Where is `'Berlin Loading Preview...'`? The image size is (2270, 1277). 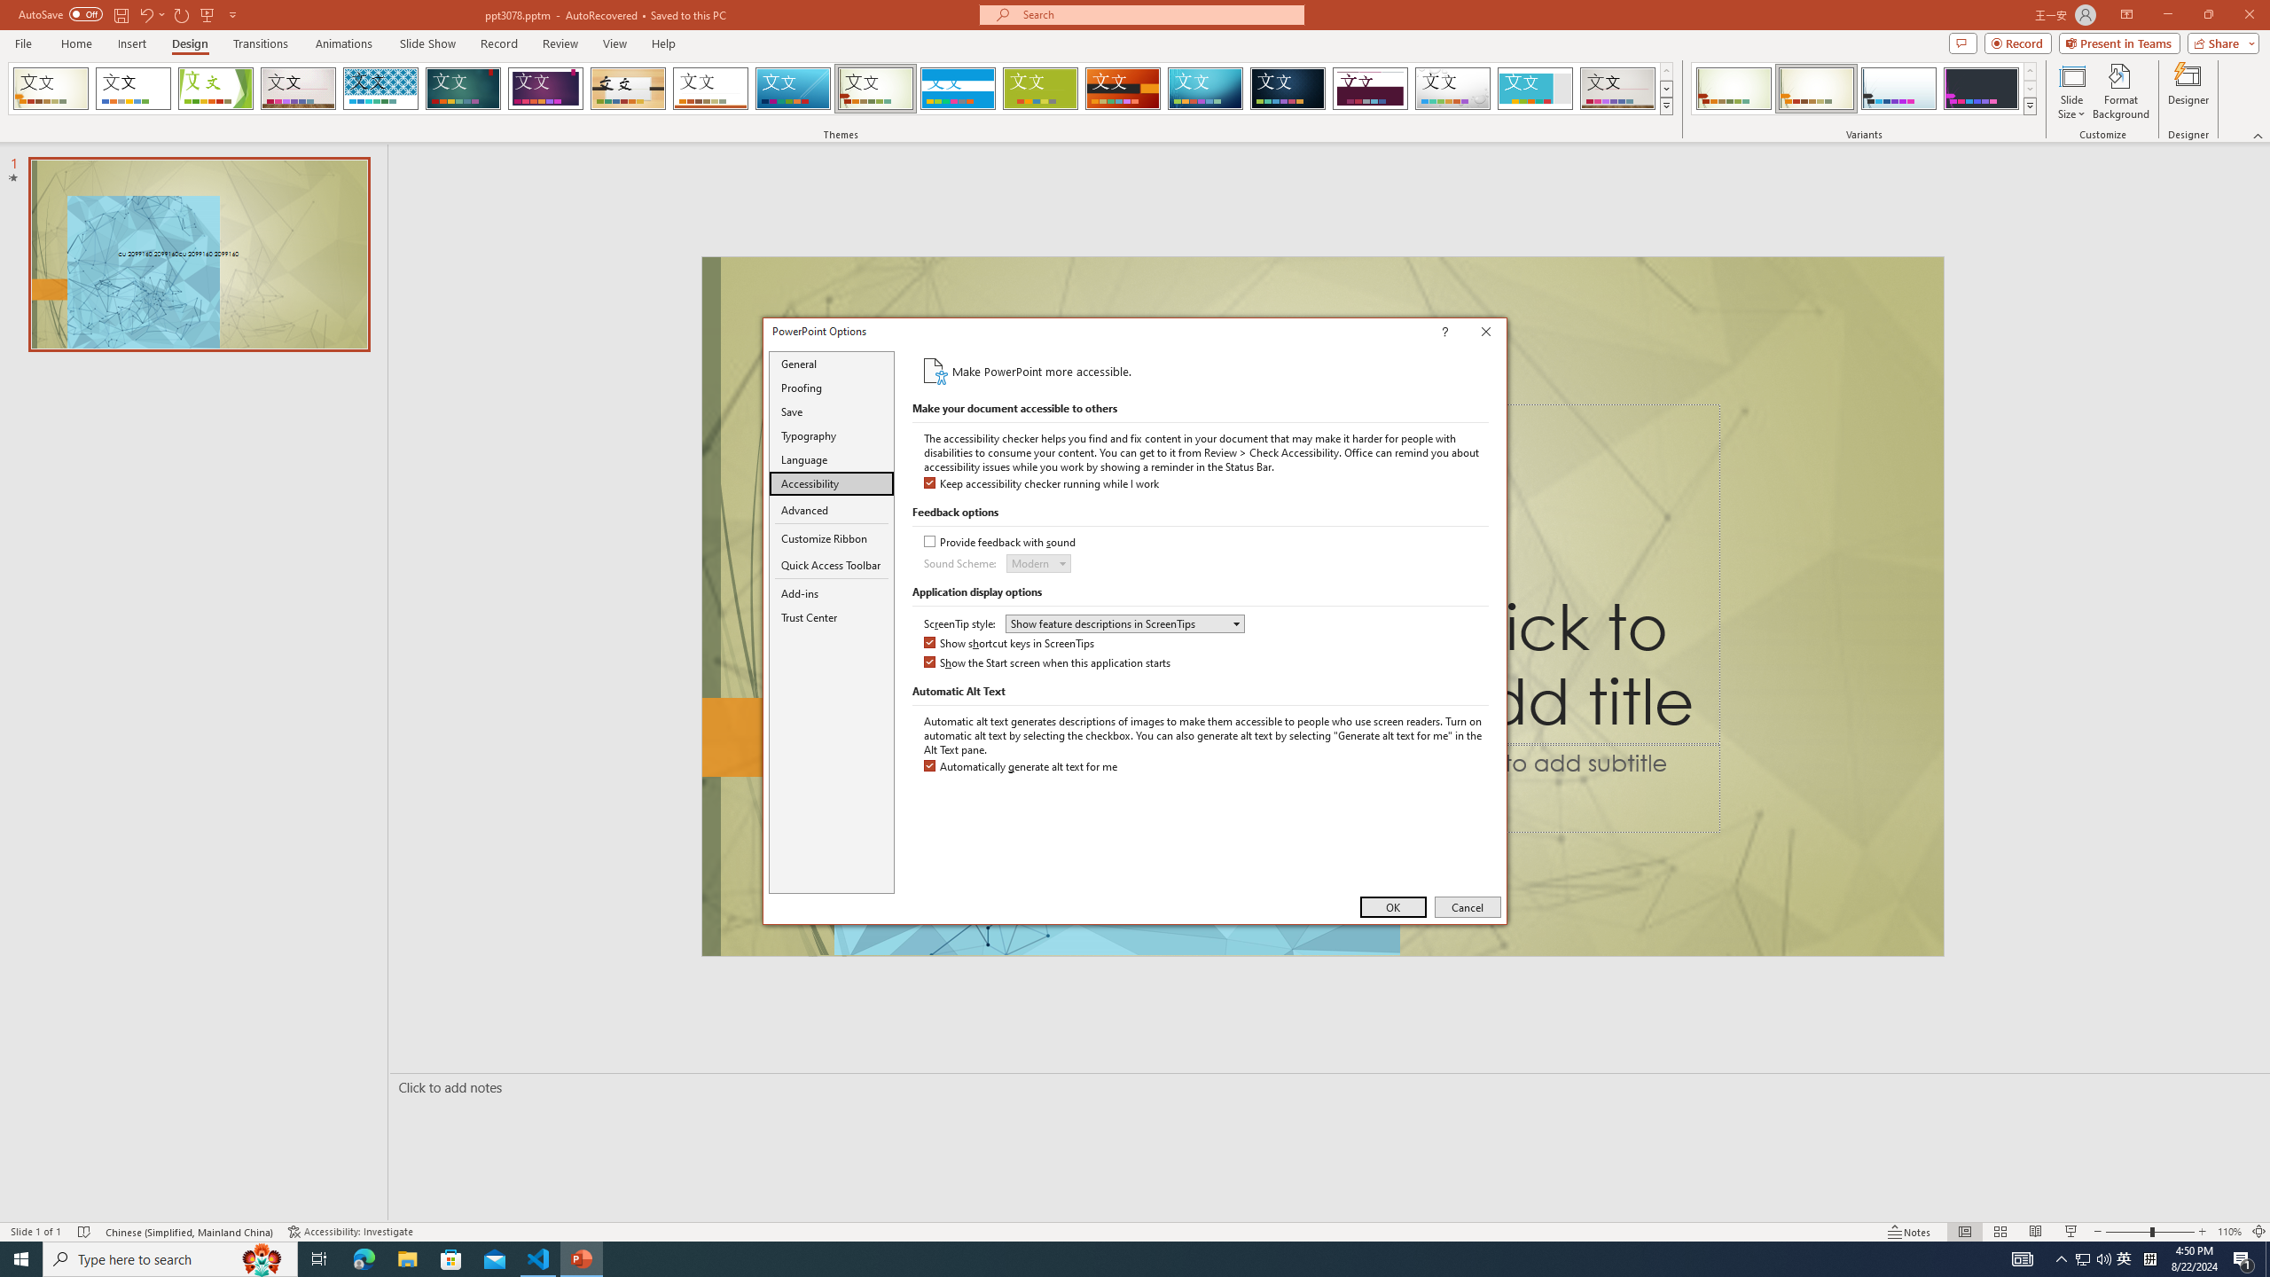
'Berlin Loading Preview...' is located at coordinates (1123, 88).